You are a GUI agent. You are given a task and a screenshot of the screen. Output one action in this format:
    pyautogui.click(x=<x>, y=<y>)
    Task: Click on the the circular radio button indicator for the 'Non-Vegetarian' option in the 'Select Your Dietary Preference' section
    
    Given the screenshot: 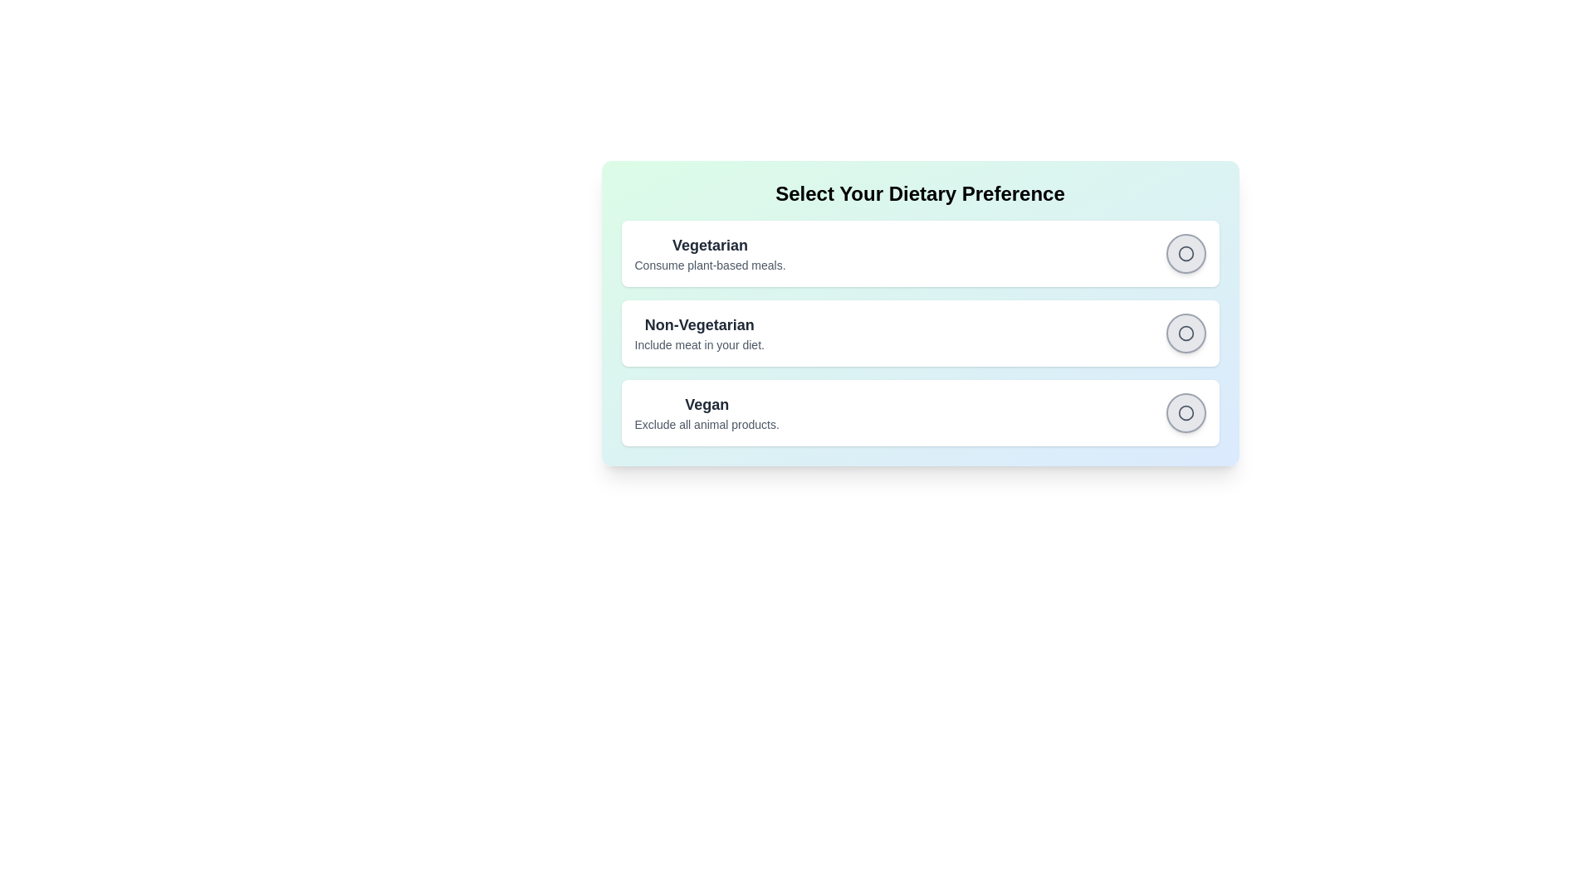 What is the action you would take?
    pyautogui.click(x=1185, y=333)
    